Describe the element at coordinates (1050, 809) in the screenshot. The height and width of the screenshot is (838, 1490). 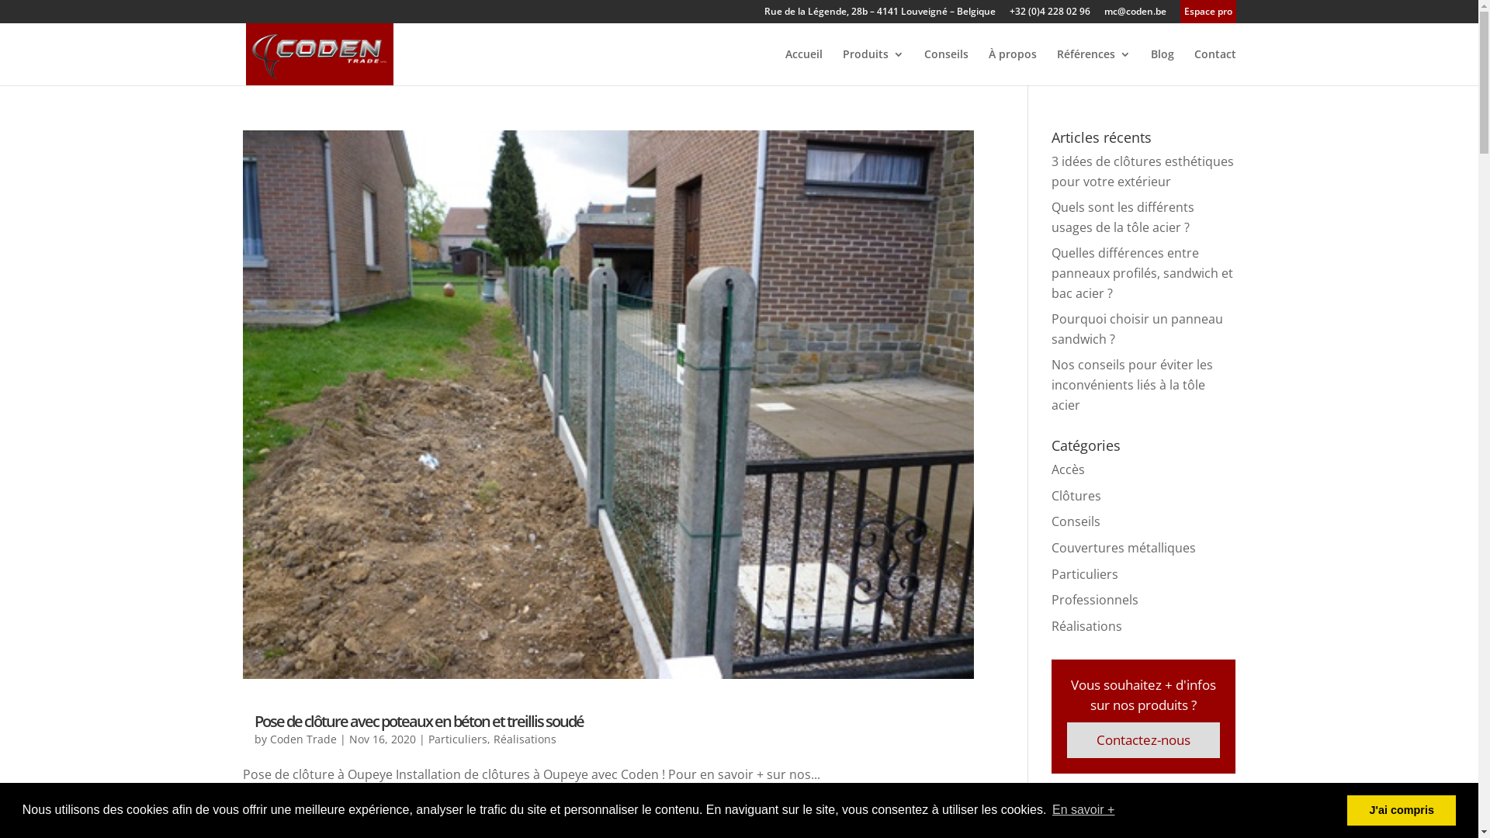
I see `'En savoir +'` at that location.